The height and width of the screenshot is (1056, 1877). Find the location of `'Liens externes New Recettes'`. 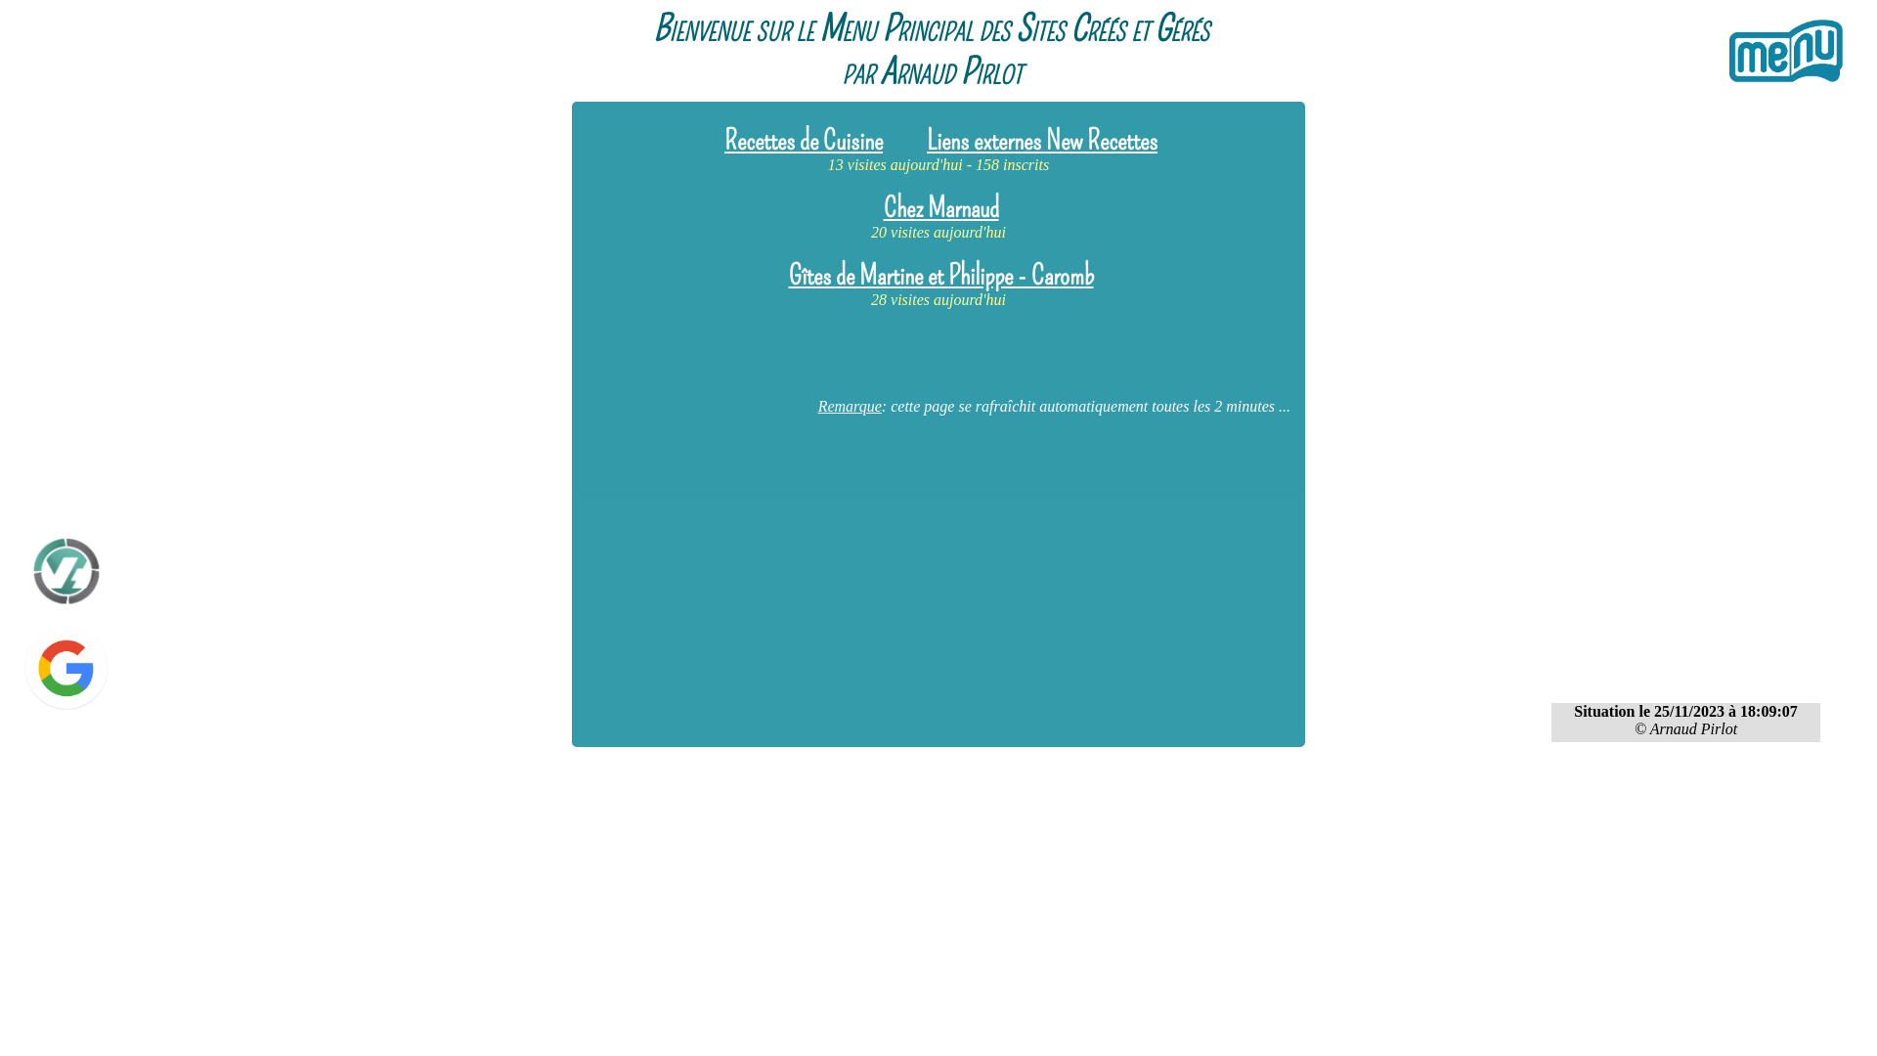

'Liens externes New Recettes' is located at coordinates (1040, 139).